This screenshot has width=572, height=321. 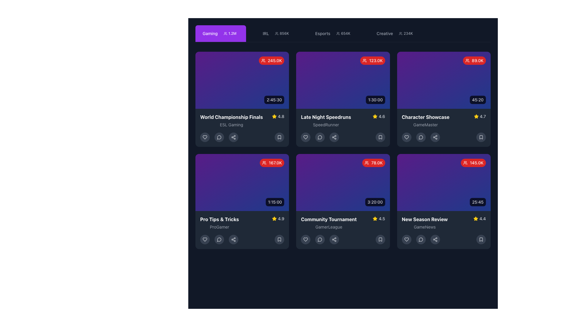 I want to click on the circular button with a dark gray background and a share symbol icon, located, so click(x=435, y=239).